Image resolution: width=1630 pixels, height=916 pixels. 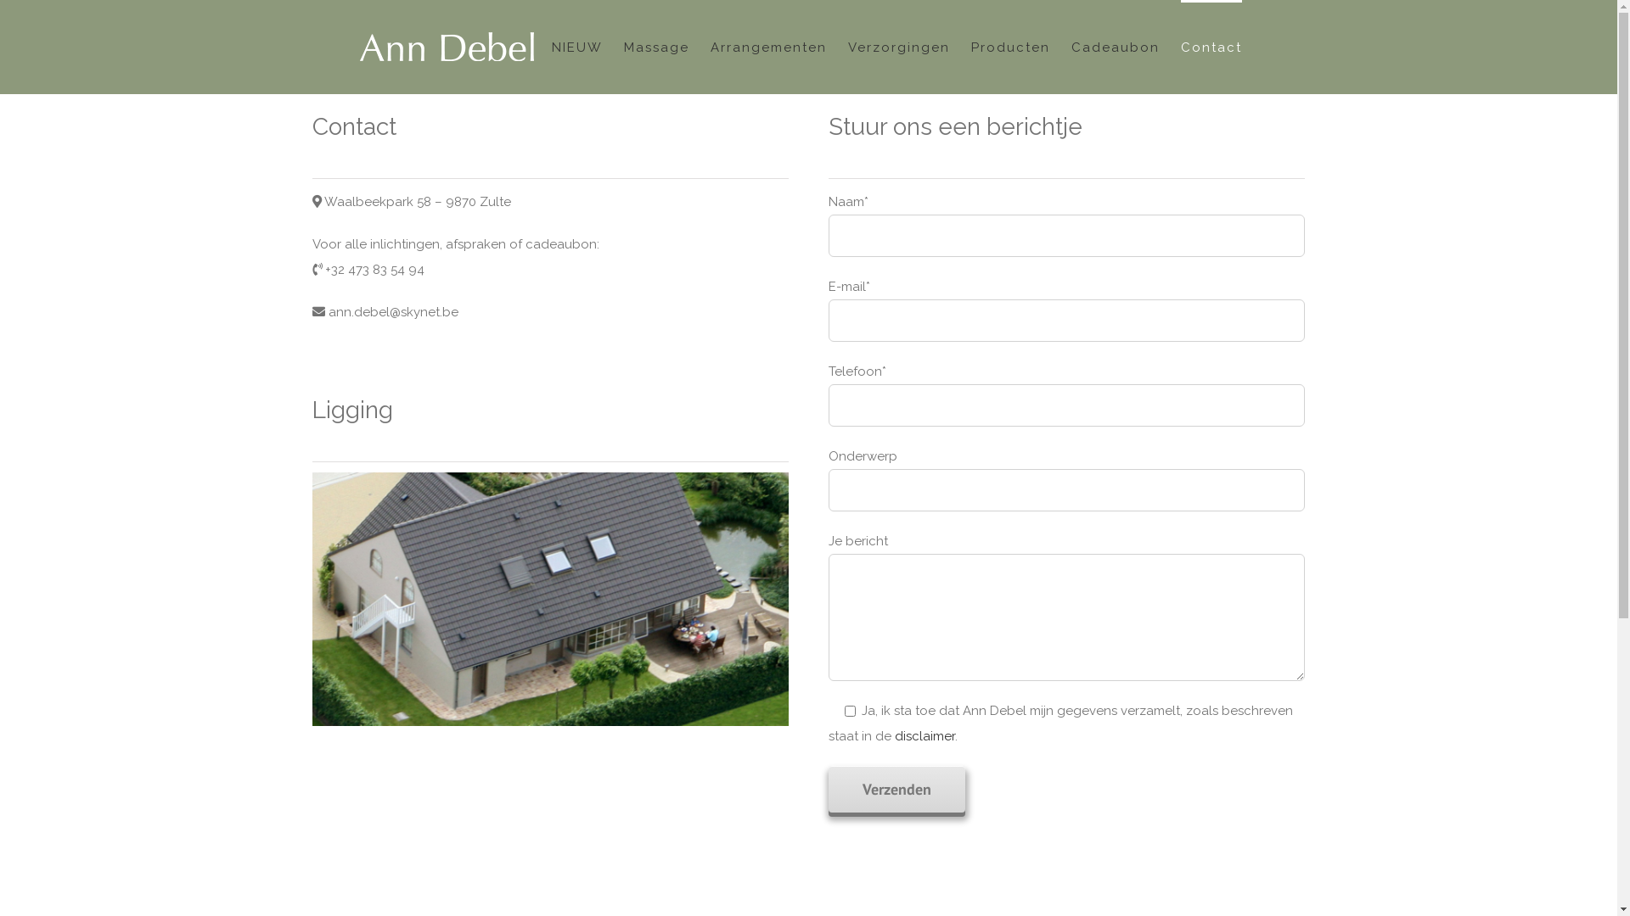 What do you see at coordinates (1010, 45) in the screenshot?
I see `'Producten'` at bounding box center [1010, 45].